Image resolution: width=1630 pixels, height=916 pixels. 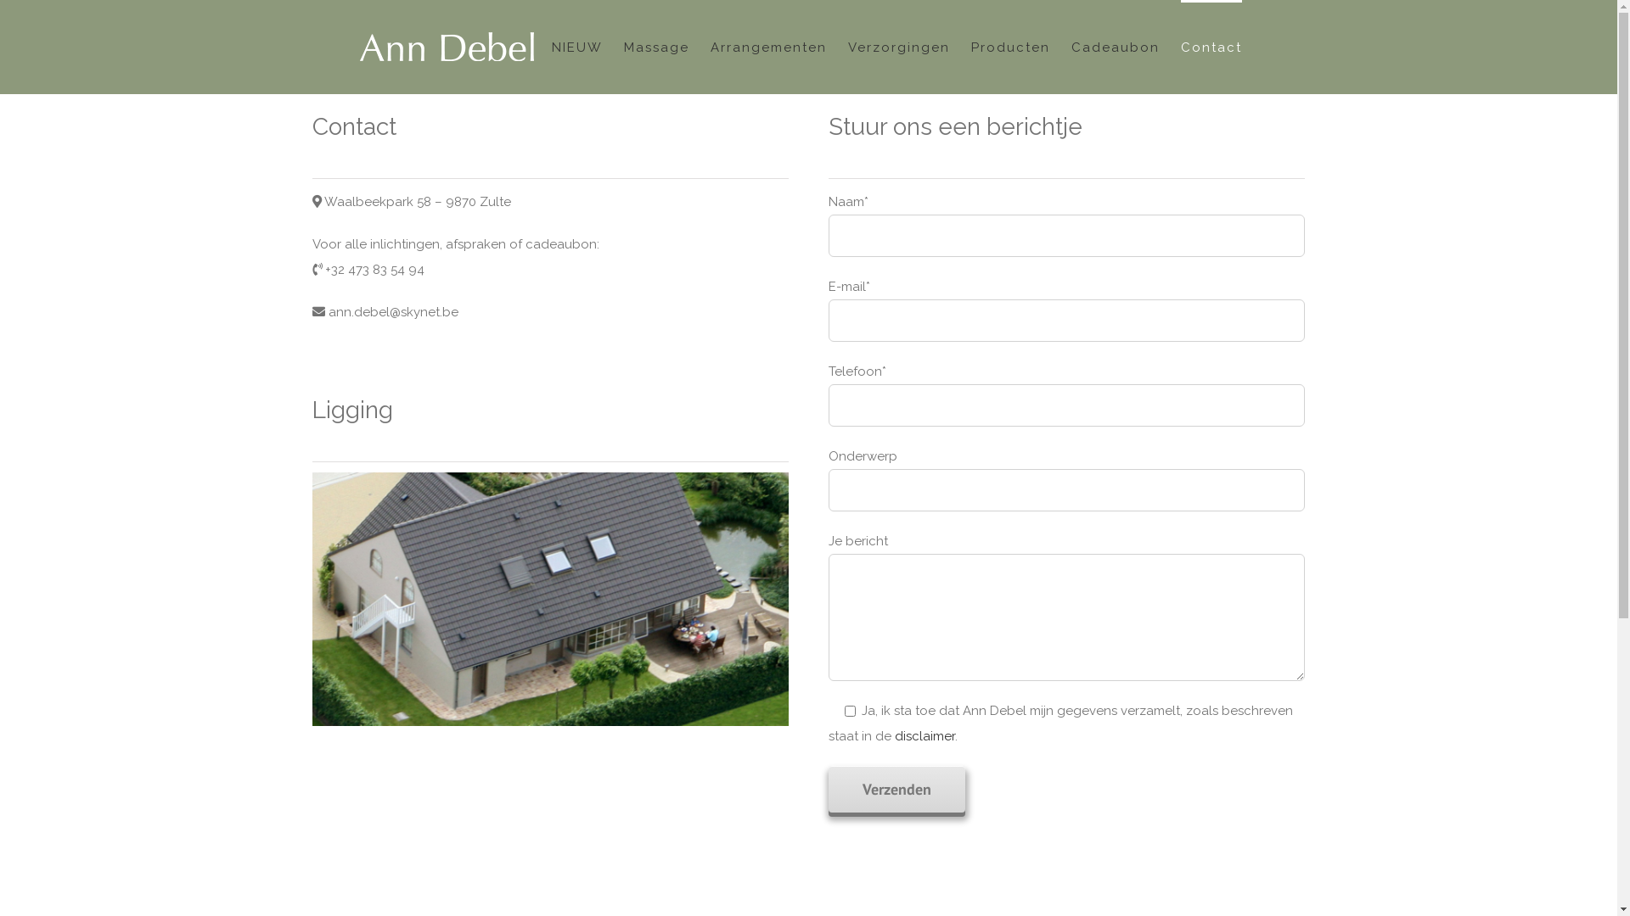 What do you see at coordinates (1010, 45) in the screenshot?
I see `'Producten'` at bounding box center [1010, 45].